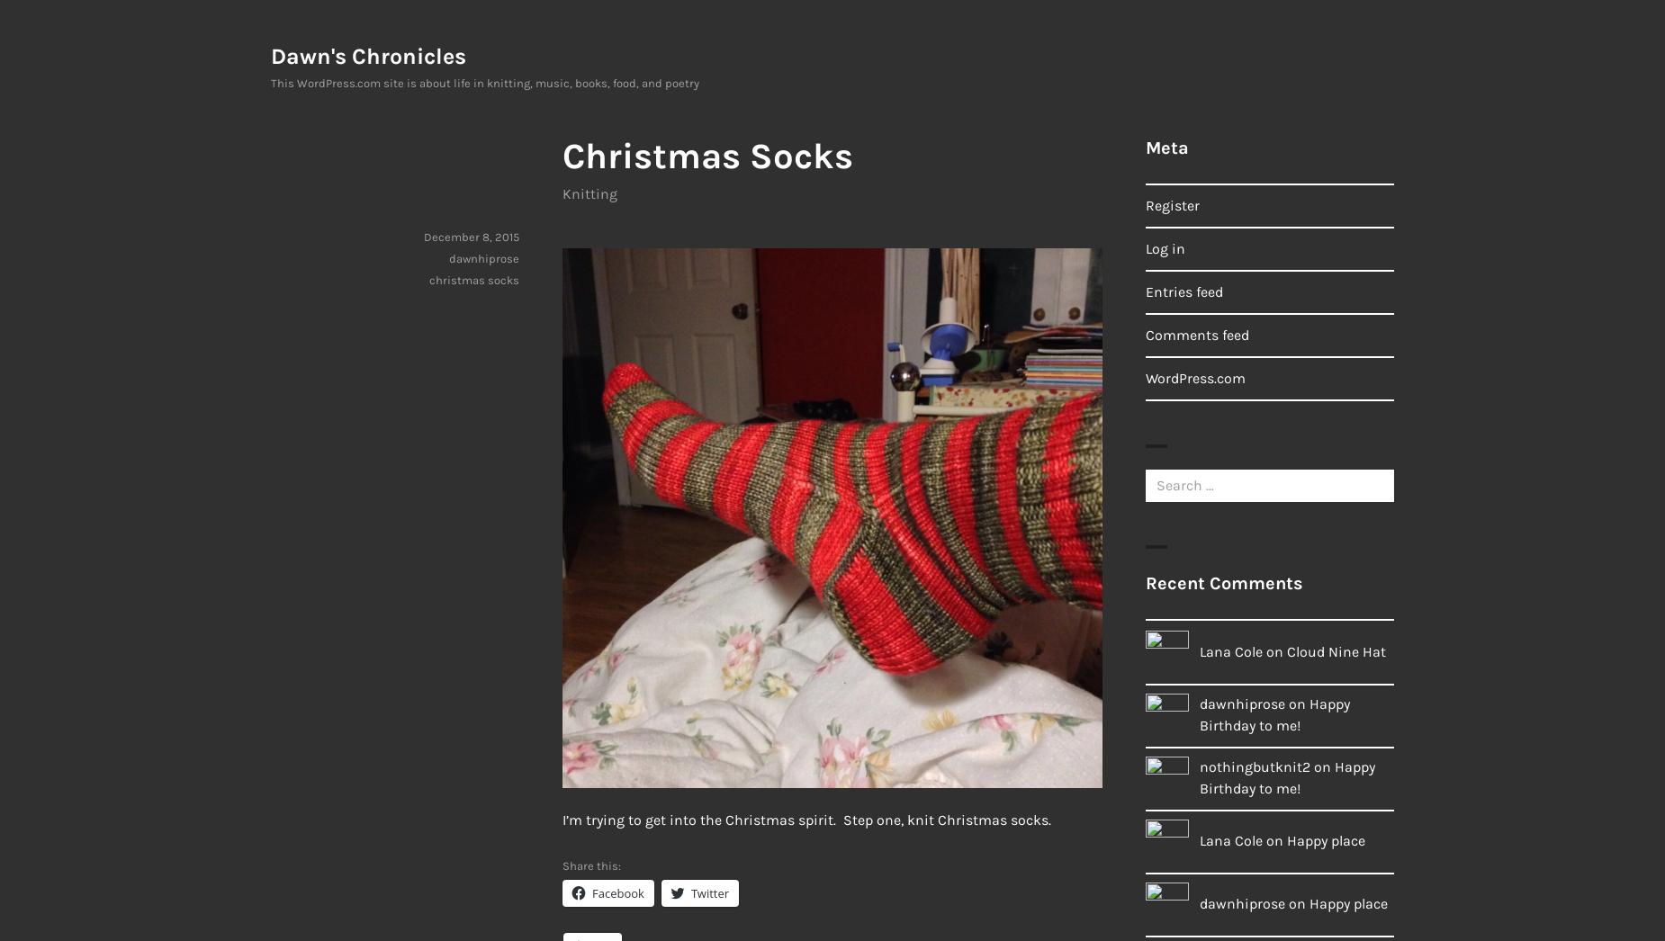 This screenshot has width=1665, height=941. I want to click on 'I’m trying to get into the Christmas spirit.  Step one, knit Christmas socks.', so click(562, 820).